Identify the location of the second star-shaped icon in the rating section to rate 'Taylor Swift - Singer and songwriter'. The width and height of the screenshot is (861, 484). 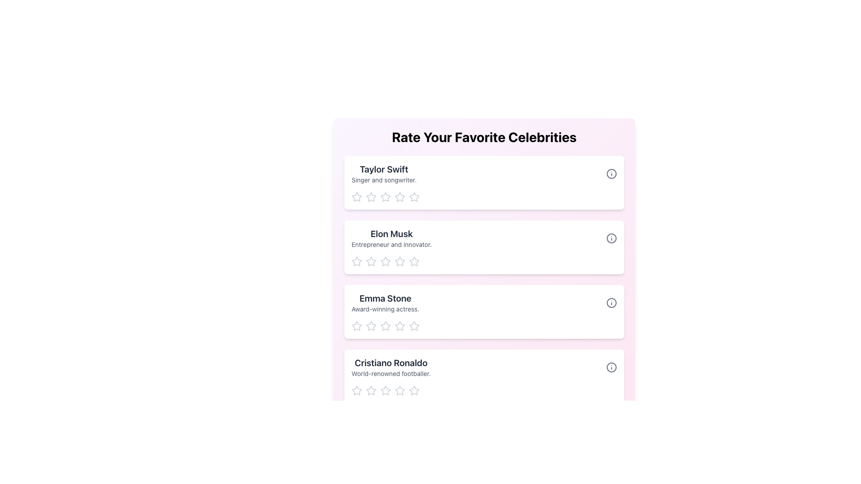
(400, 196).